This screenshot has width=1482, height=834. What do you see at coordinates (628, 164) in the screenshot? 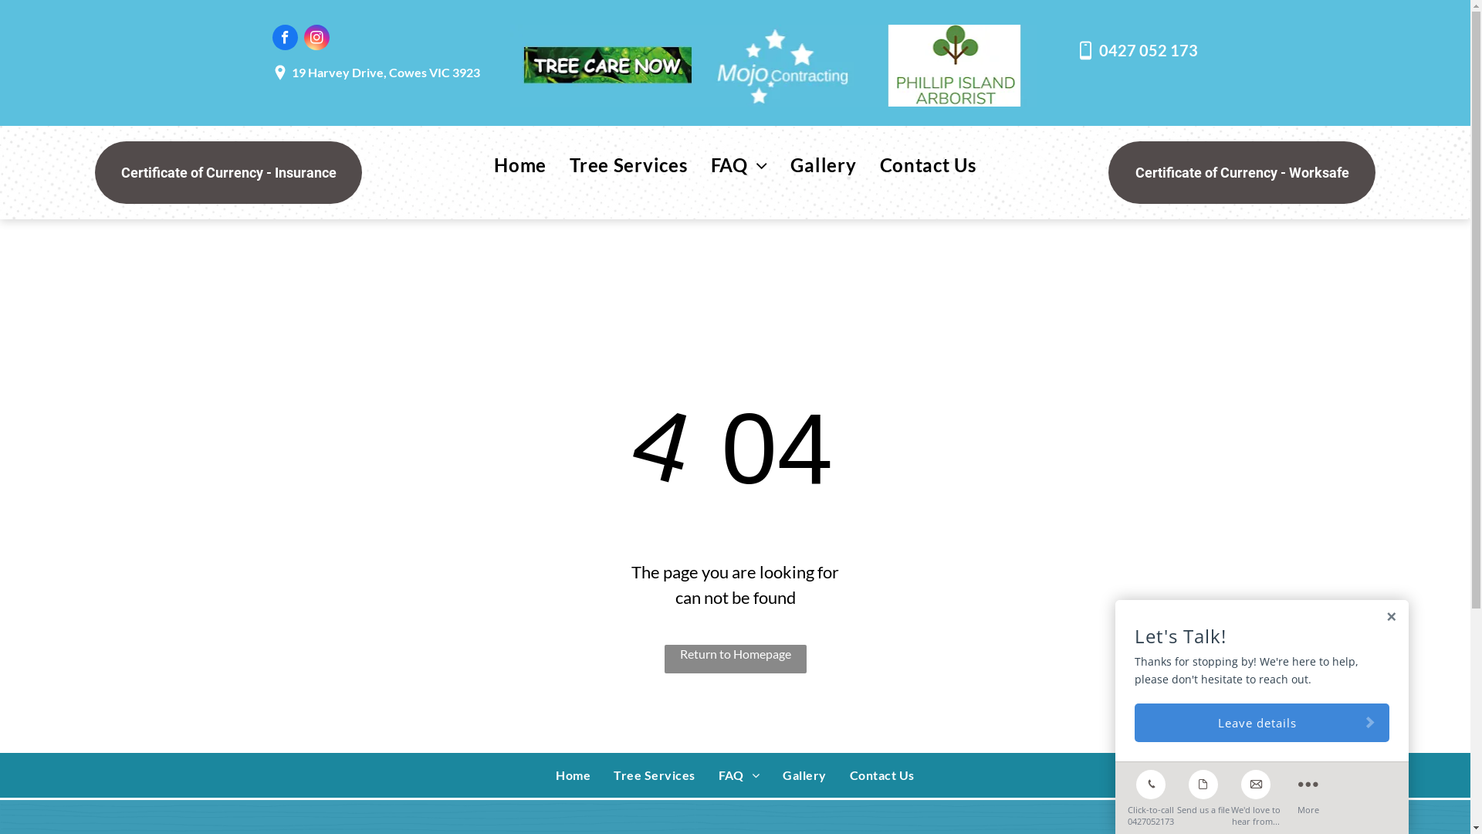
I see `'Tree Services'` at bounding box center [628, 164].